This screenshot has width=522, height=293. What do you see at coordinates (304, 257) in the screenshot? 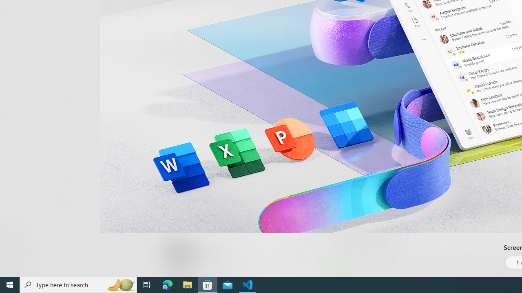
I see `'Share'` at bounding box center [304, 257].